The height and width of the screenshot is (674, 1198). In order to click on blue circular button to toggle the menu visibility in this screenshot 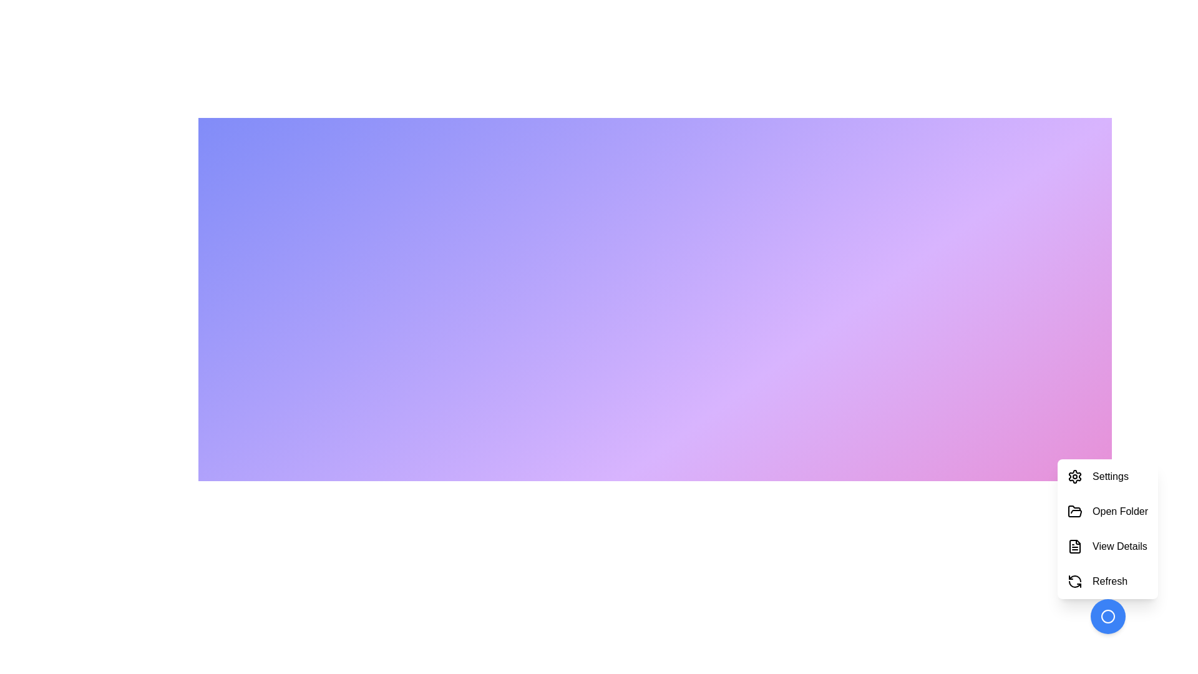, I will do `click(1108, 615)`.